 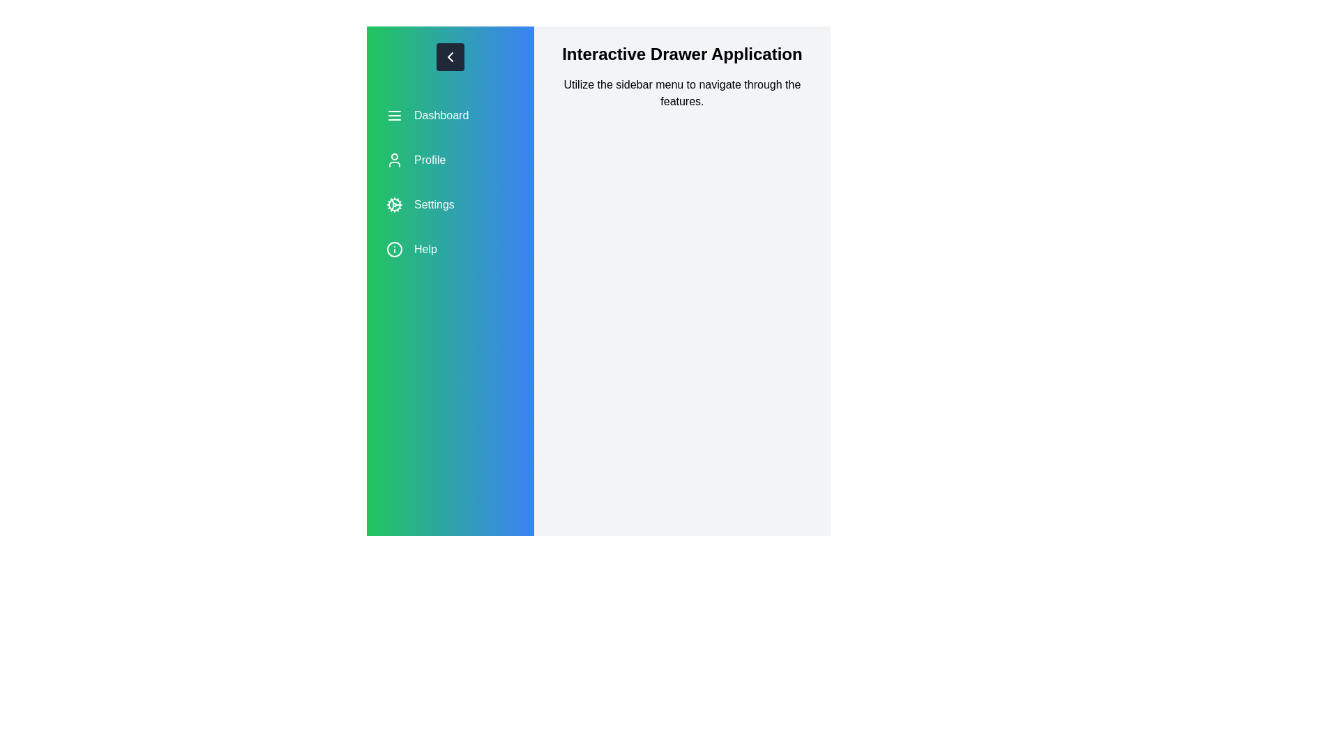 I want to click on the menu option Dashboard to navigate, so click(x=450, y=114).